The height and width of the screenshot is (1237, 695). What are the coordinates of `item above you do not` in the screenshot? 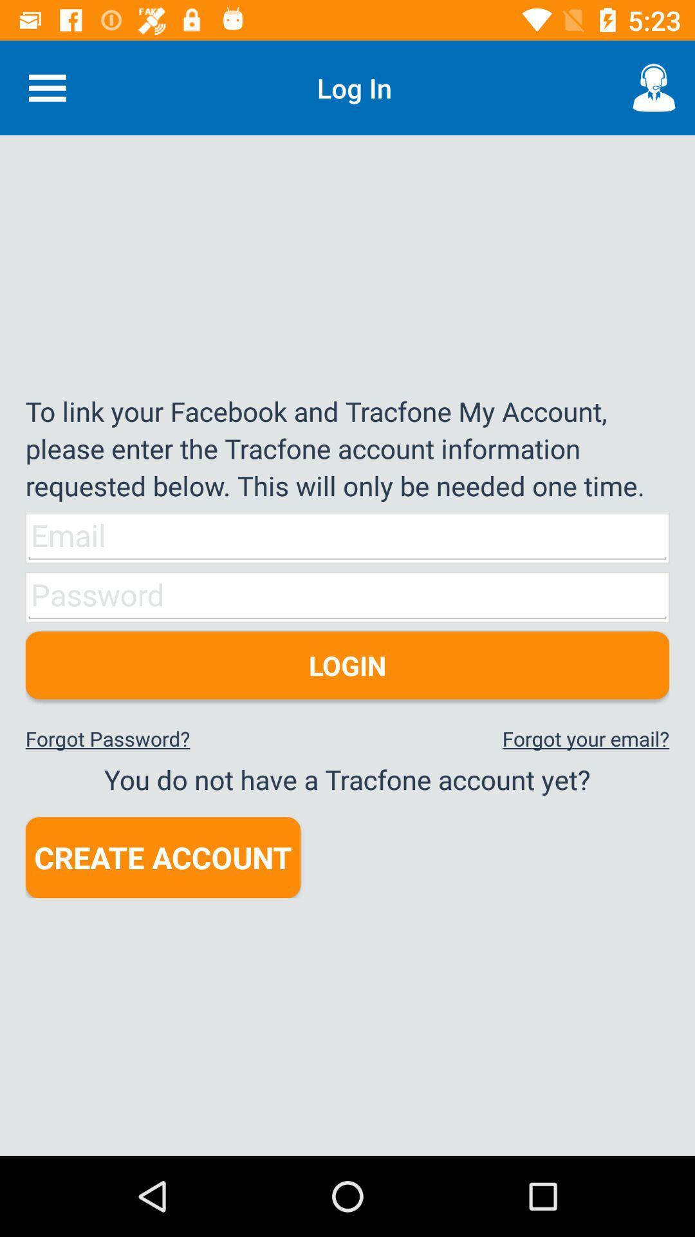 It's located at (586, 738).